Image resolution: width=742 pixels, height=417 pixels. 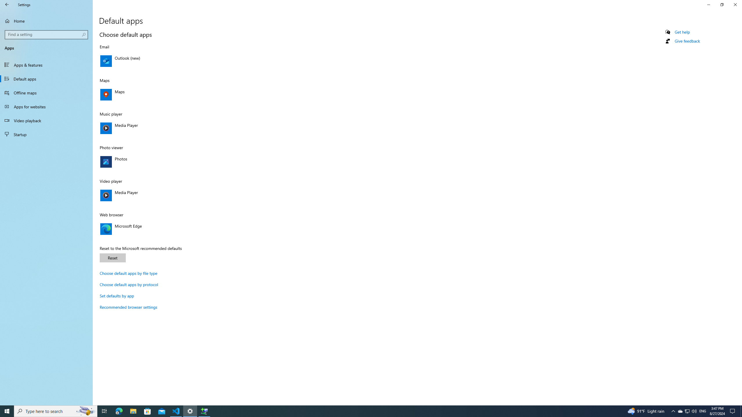 I want to click on 'Default apps', so click(x=46, y=78).